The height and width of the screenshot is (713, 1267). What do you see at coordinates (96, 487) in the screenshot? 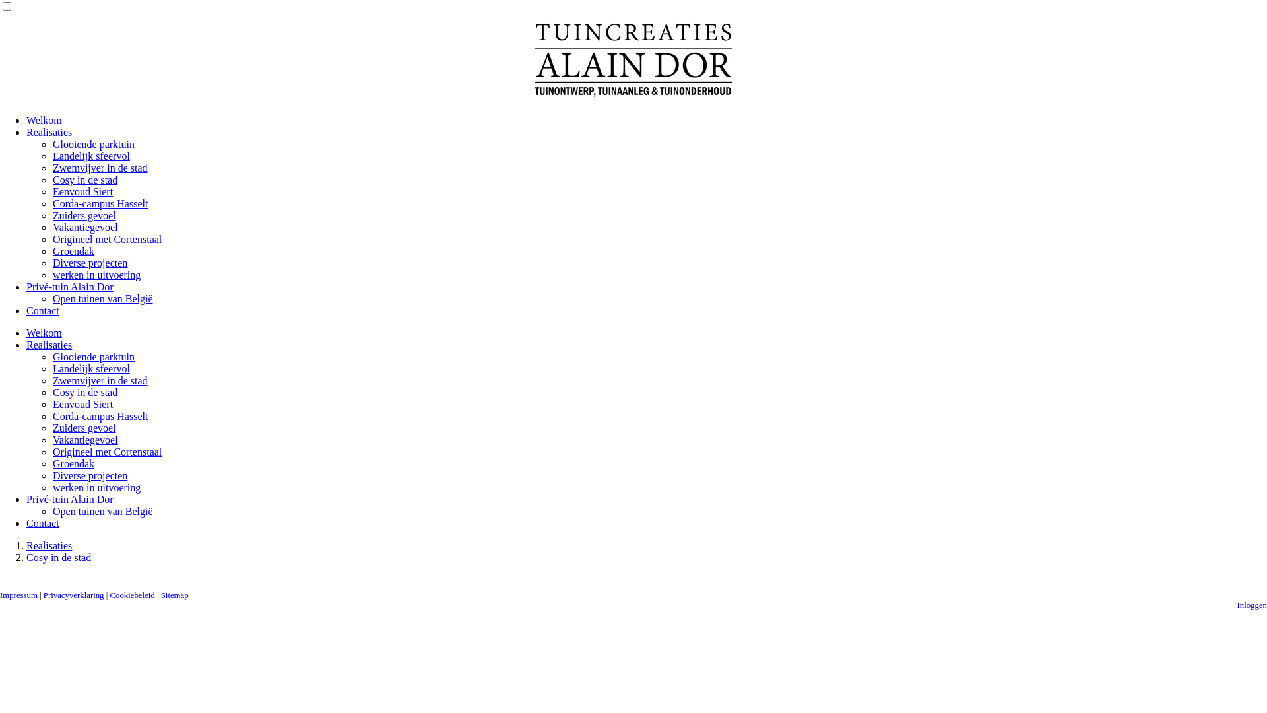
I see `'werken in uitvoering'` at bounding box center [96, 487].